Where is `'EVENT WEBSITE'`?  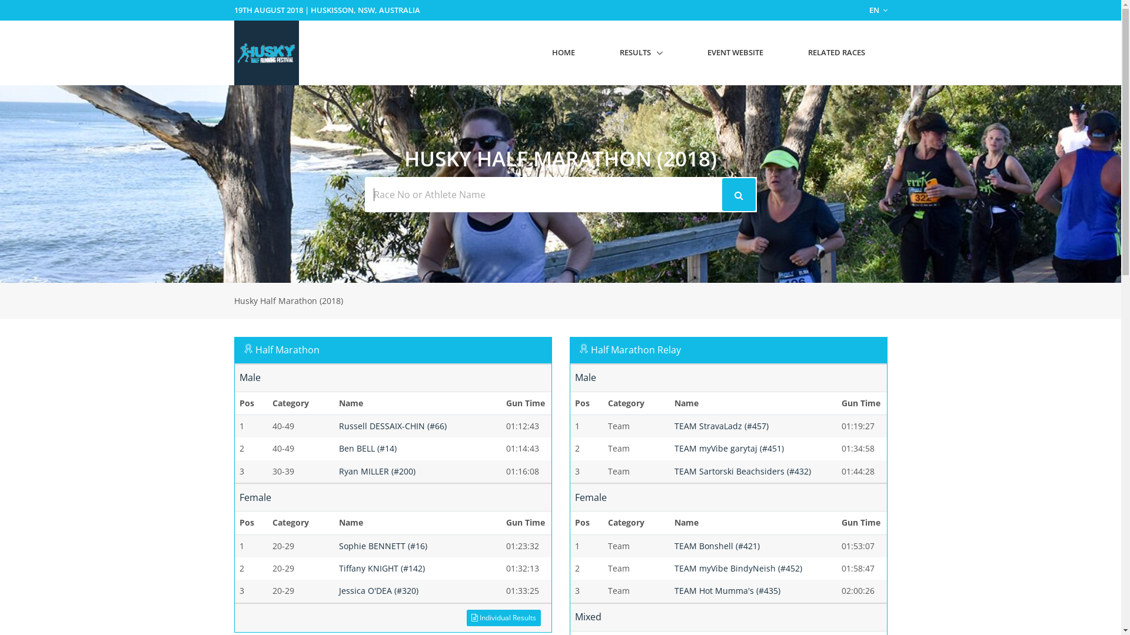
'EVENT WEBSITE' is located at coordinates (734, 52).